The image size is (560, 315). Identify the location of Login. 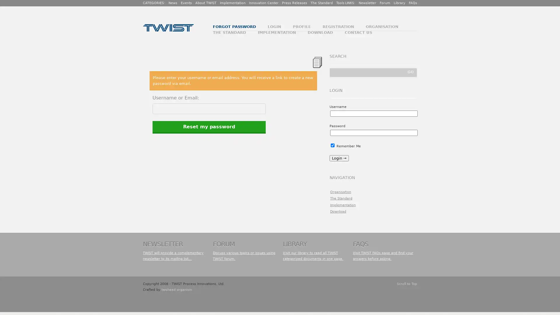
(339, 158).